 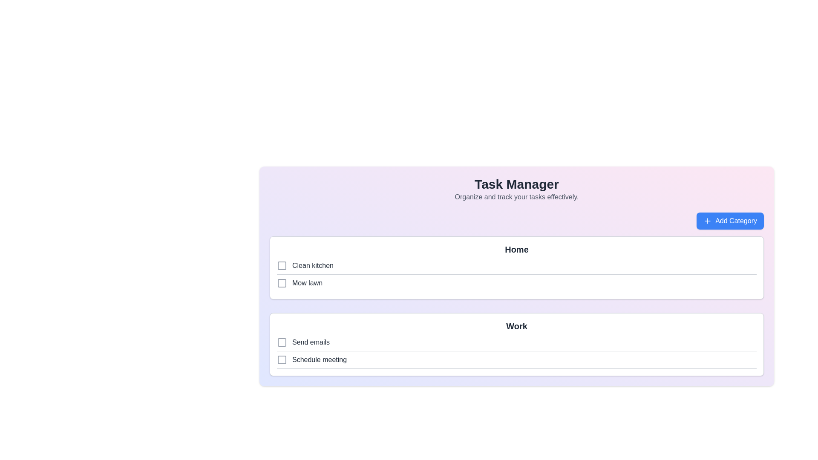 I want to click on the square-shaped checkbox with a white center and gray border located near the 'Schedule meeting' text in the 'Work' section of the checklist, so click(x=282, y=359).